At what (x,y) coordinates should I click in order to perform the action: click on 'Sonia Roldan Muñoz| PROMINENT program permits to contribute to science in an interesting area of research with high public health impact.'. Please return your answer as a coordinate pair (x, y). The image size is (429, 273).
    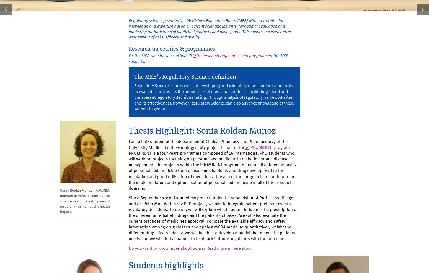
    Looking at the image, I should click on (60, 207).